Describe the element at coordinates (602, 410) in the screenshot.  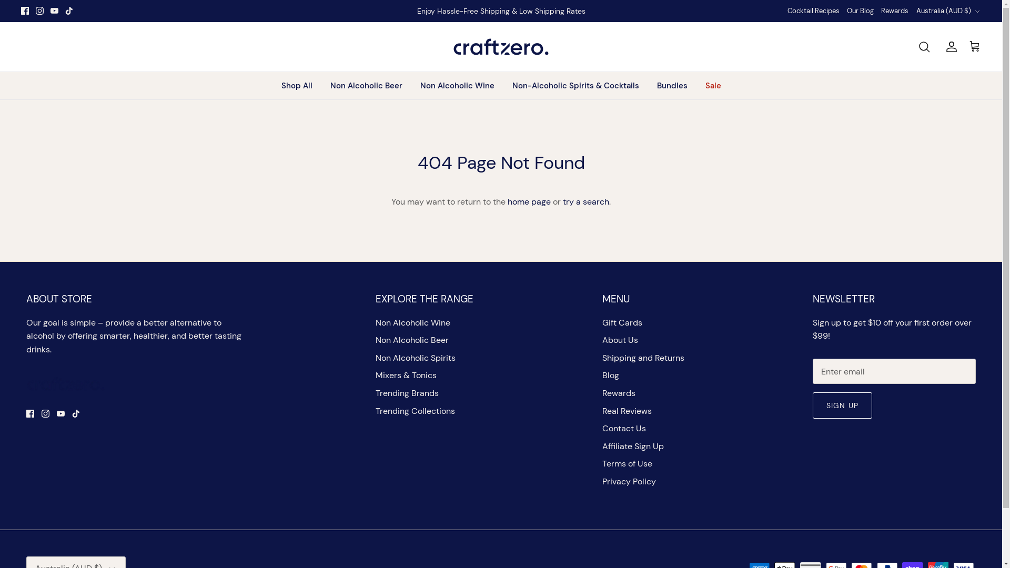
I see `'Real Reviews'` at that location.